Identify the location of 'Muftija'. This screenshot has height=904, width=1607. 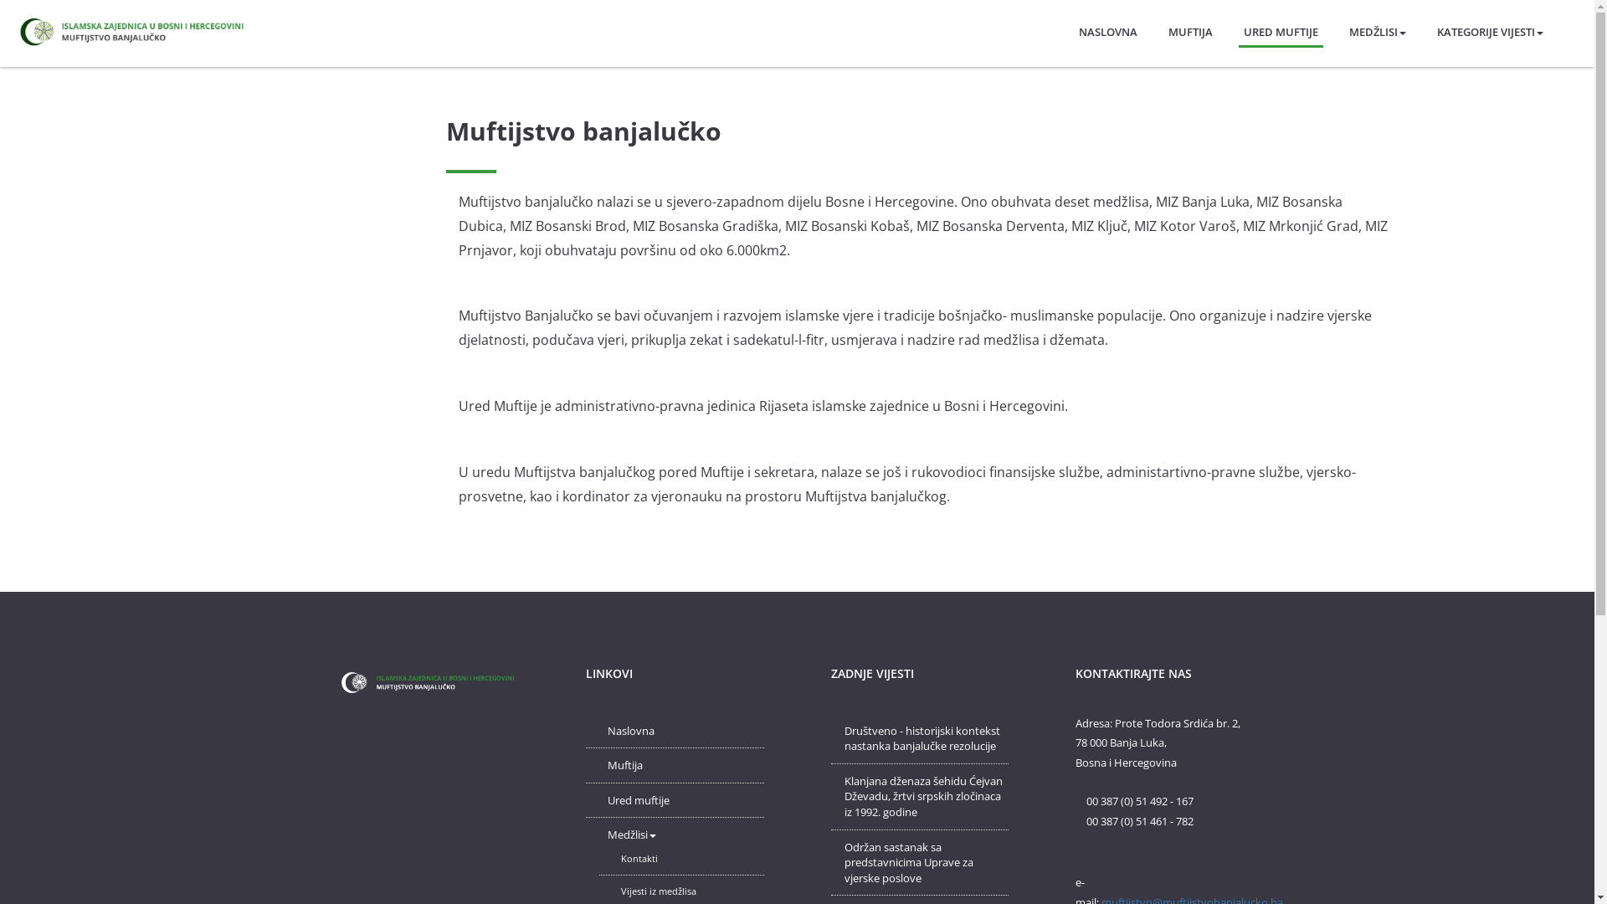
(624, 765).